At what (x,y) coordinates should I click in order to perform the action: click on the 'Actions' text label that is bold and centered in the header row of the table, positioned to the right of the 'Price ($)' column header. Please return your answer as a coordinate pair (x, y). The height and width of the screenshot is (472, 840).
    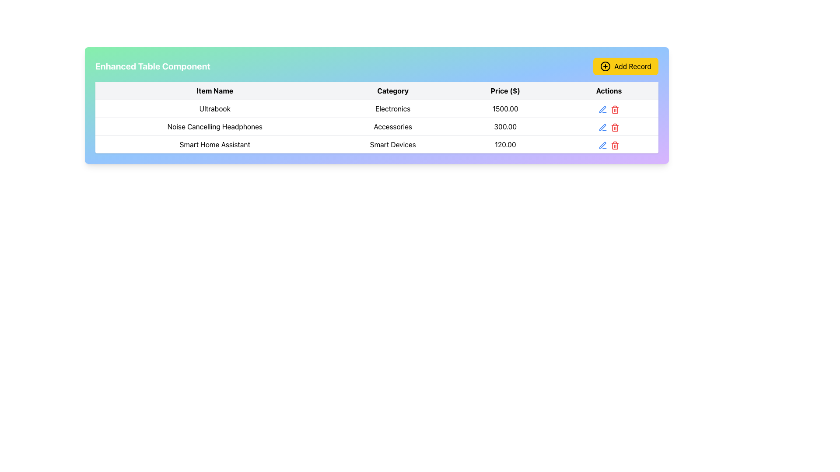
    Looking at the image, I should click on (609, 91).